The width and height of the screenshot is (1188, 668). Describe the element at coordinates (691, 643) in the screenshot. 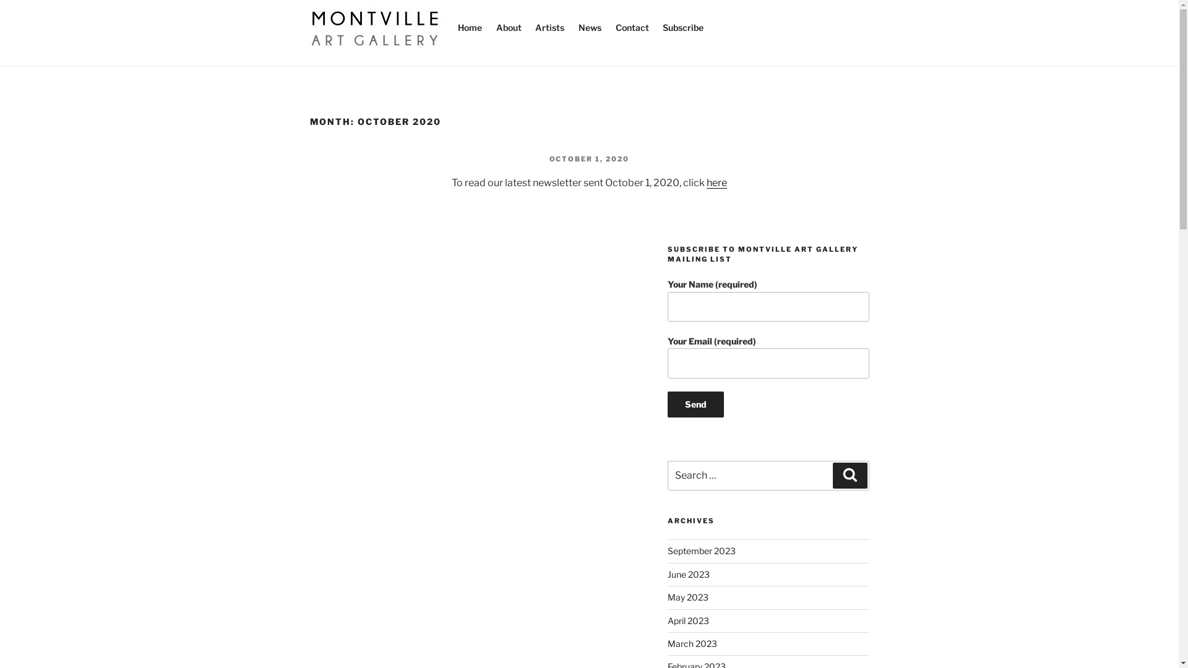

I see `'March 2023'` at that location.